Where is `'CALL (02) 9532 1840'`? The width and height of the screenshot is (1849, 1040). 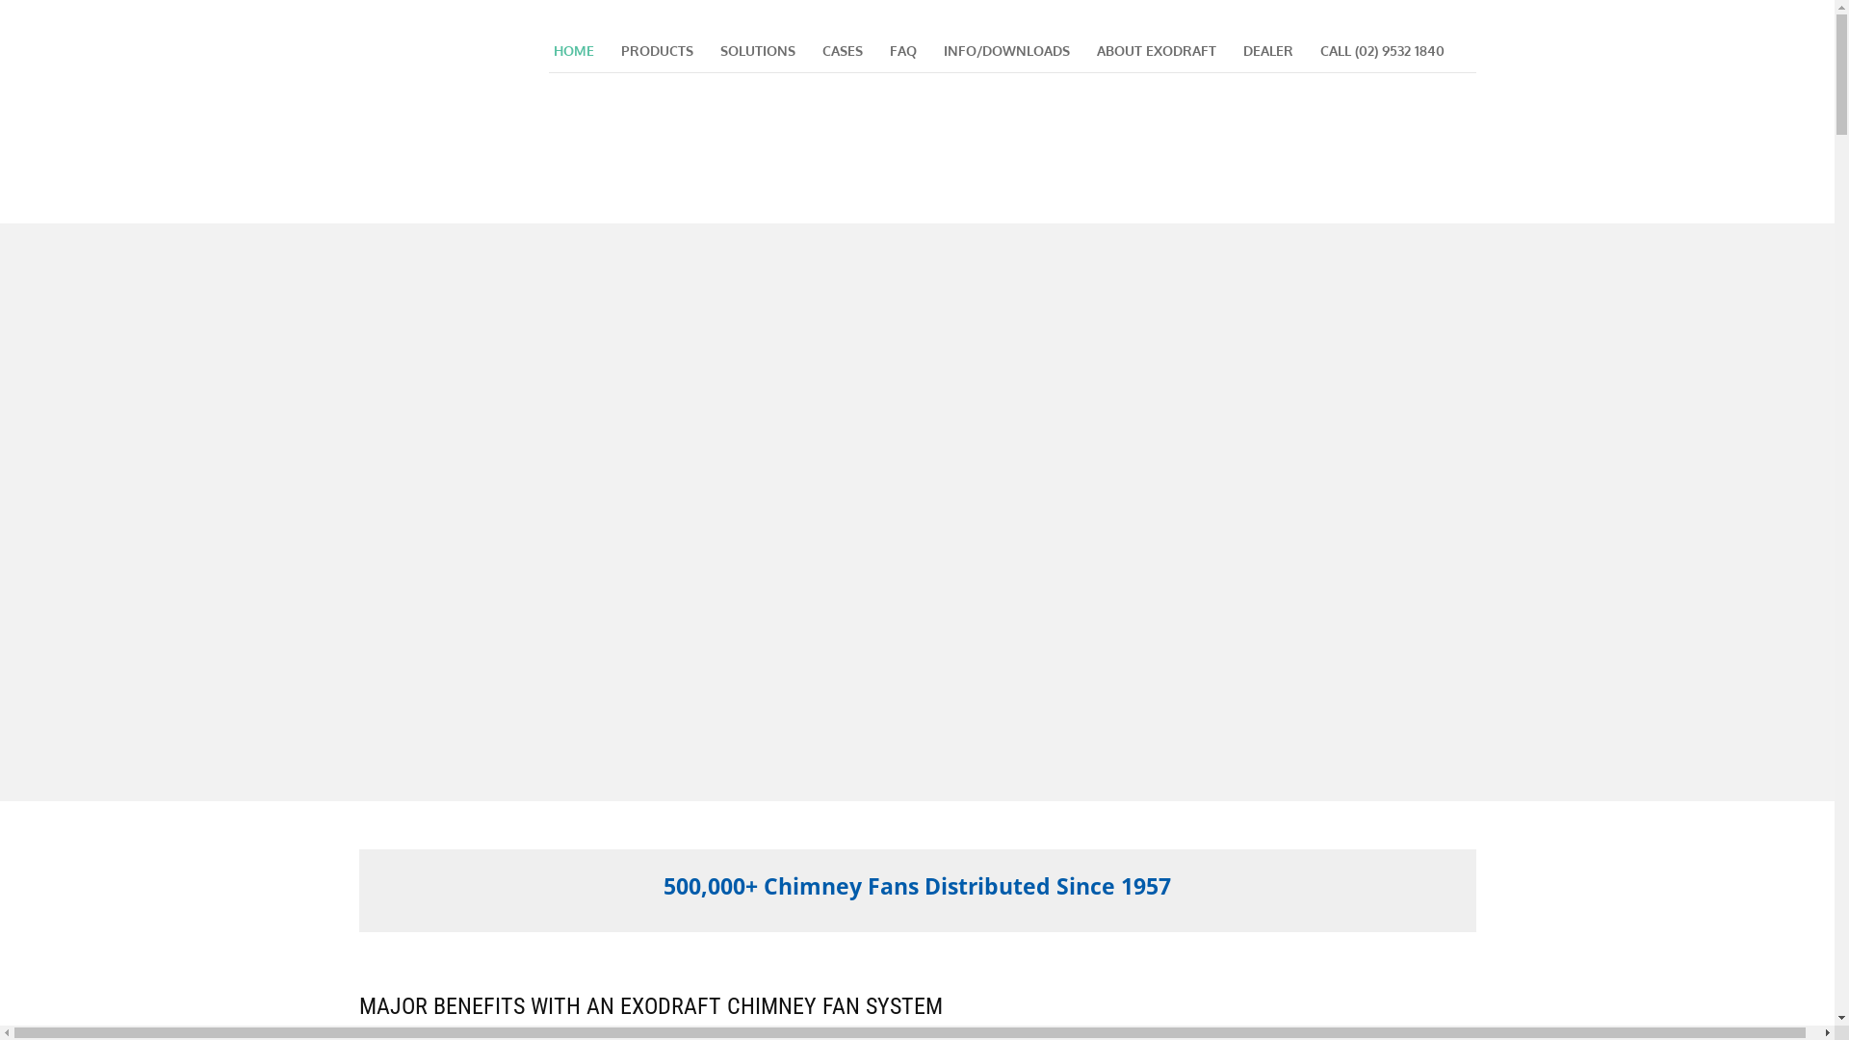
'CALL (02) 9532 1840' is located at coordinates (1315, 50).